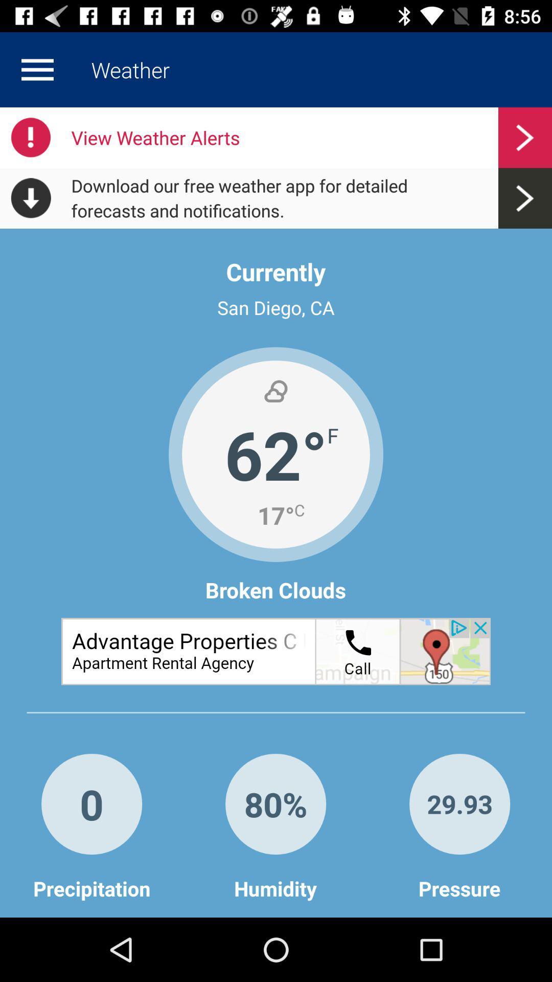  I want to click on the menu icon, so click(37, 69).